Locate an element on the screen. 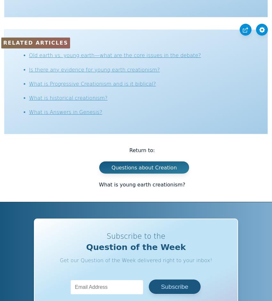 Image resolution: width=272 pixels, height=301 pixels. 'Get our Question of the Week delivered right to your inbox!' is located at coordinates (59, 260).